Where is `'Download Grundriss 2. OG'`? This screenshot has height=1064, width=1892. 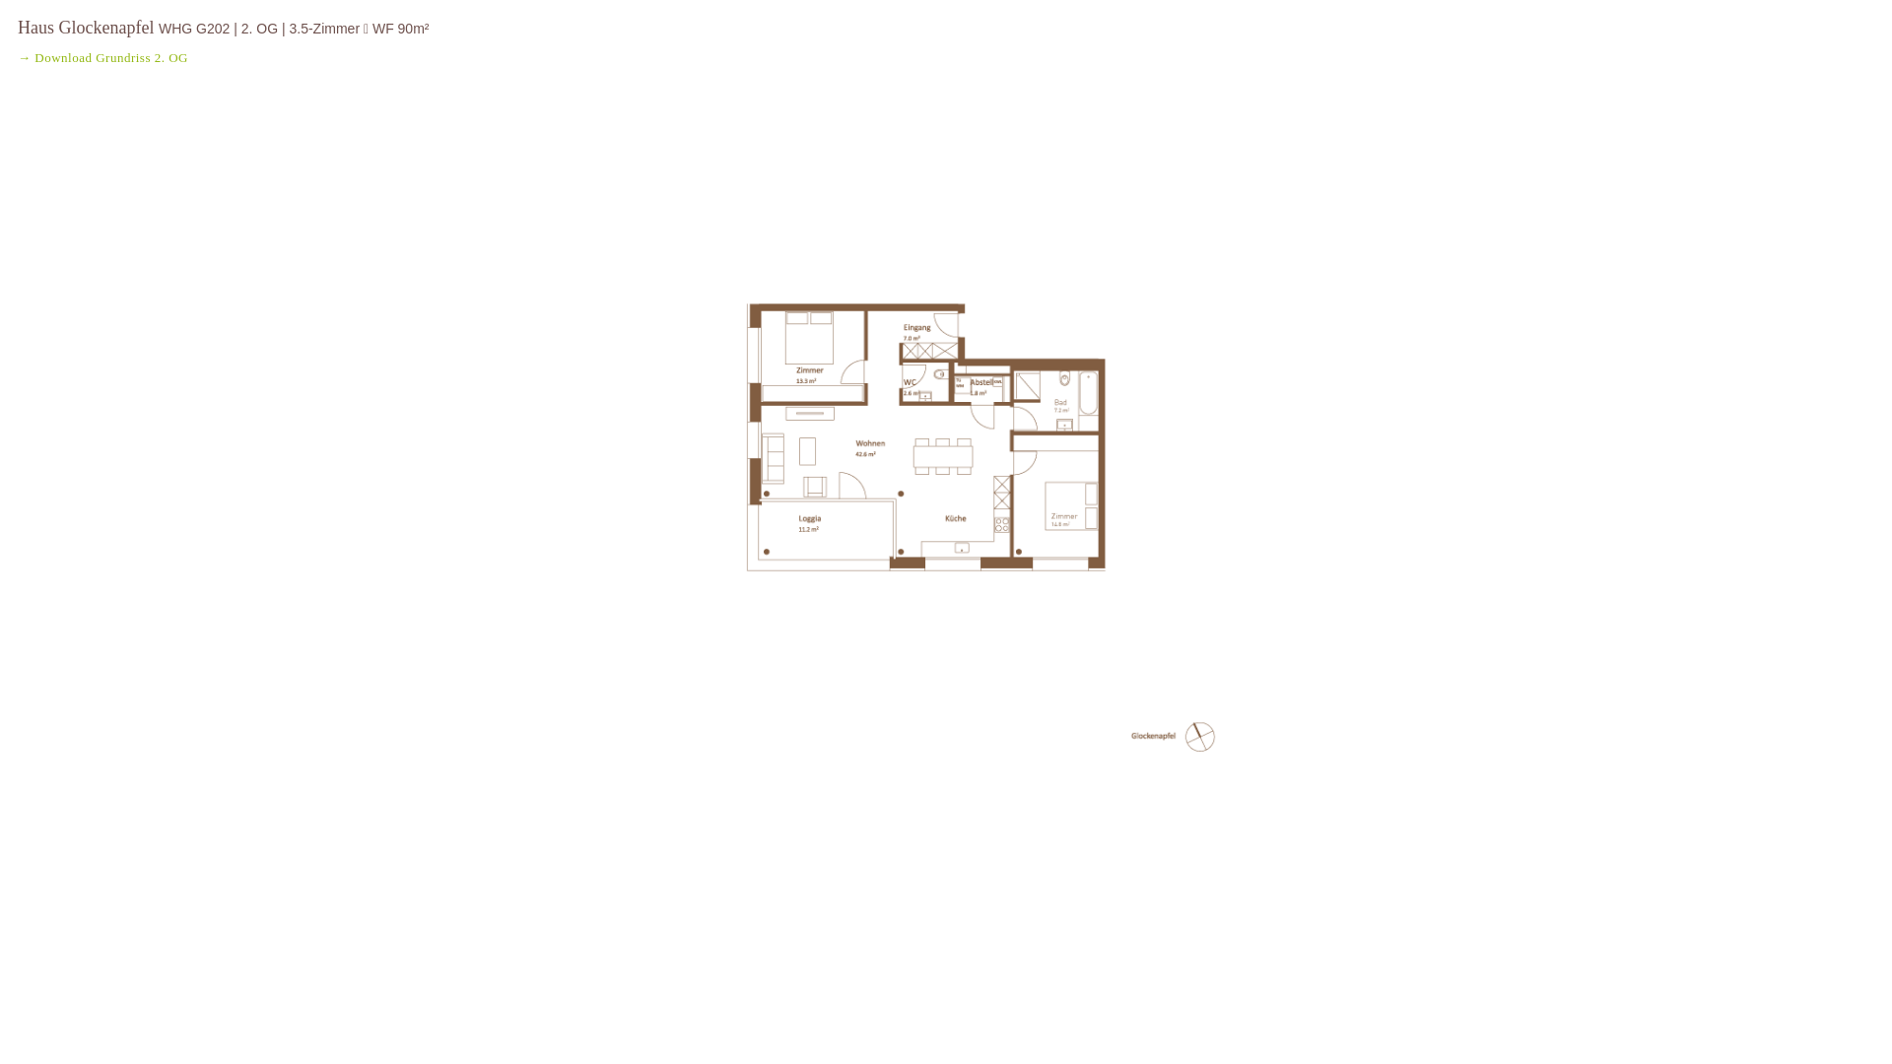 'Download Grundriss 2. OG' is located at coordinates (110, 56).